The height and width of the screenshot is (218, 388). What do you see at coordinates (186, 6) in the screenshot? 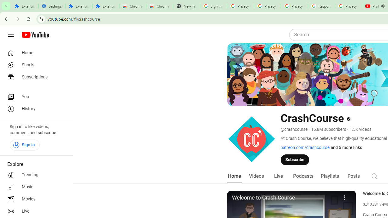
I see `'New Tab'` at bounding box center [186, 6].